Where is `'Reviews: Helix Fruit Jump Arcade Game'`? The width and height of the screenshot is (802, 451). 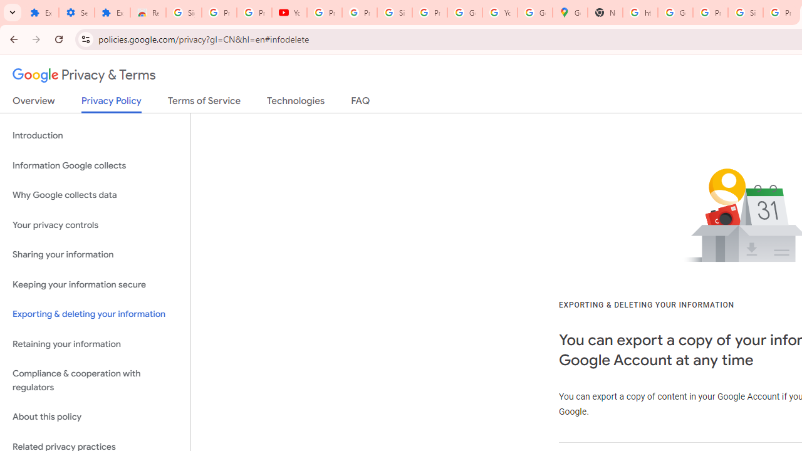
'Reviews: Helix Fruit Jump Arcade Game' is located at coordinates (148, 13).